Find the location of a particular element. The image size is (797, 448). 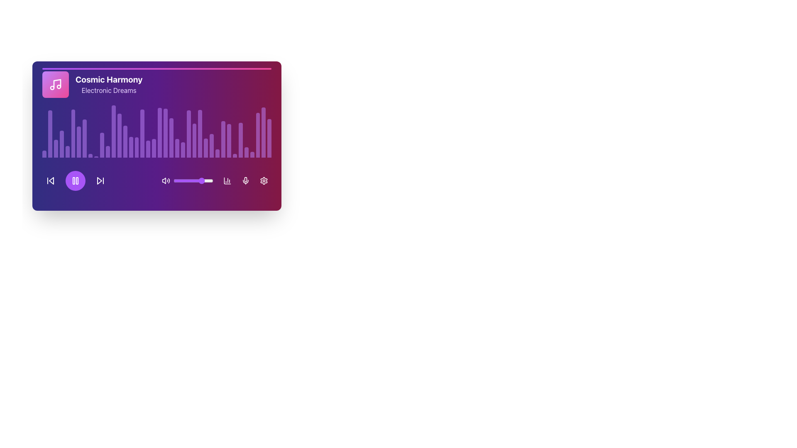

the circular purple button with paused bars in the media control panel is located at coordinates (76, 180).